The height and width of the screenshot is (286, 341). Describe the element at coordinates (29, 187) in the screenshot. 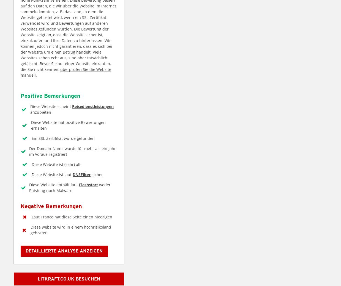

I see `'weder Phishing noch Malware'` at that location.